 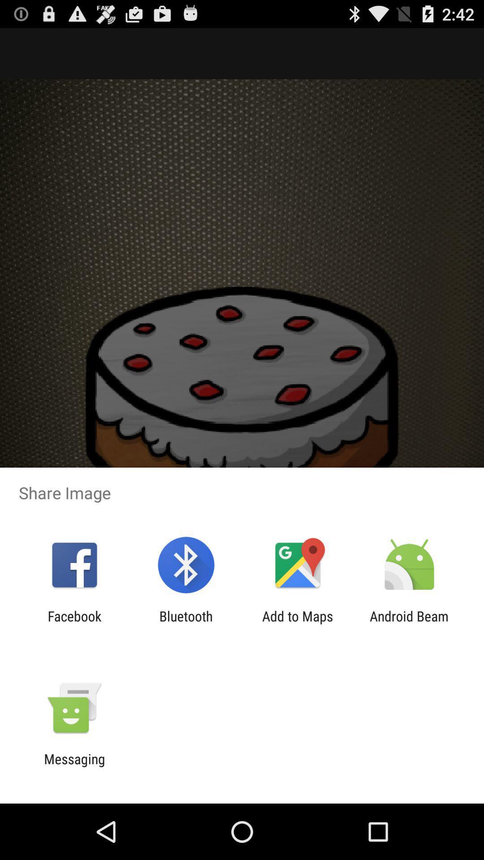 I want to click on the item to the right of the facebook icon, so click(x=186, y=623).